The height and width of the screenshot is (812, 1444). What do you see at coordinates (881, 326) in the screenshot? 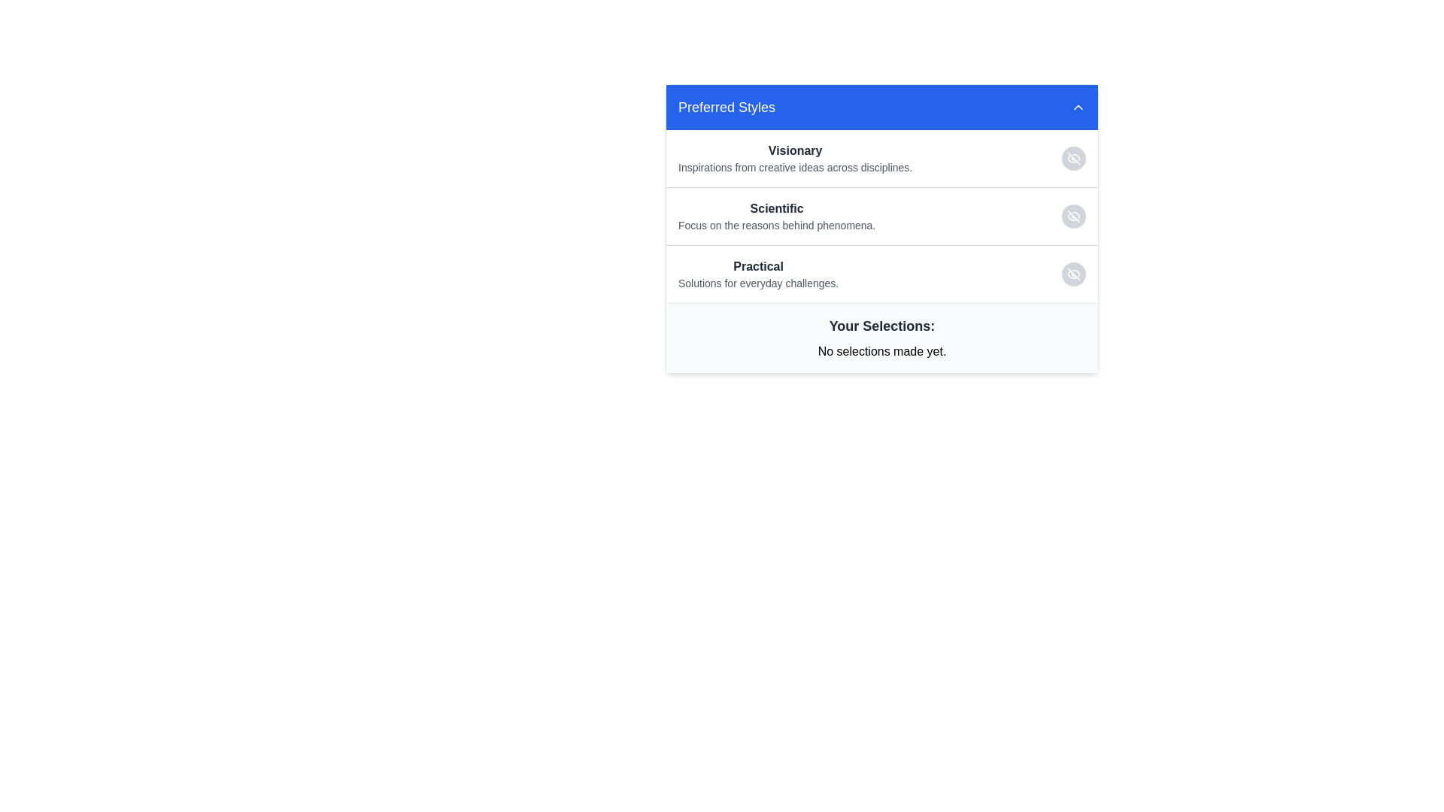
I see `the header text label that indicates the area contains user-selected choices, positioned above the text 'No selections made yet.'` at bounding box center [881, 326].